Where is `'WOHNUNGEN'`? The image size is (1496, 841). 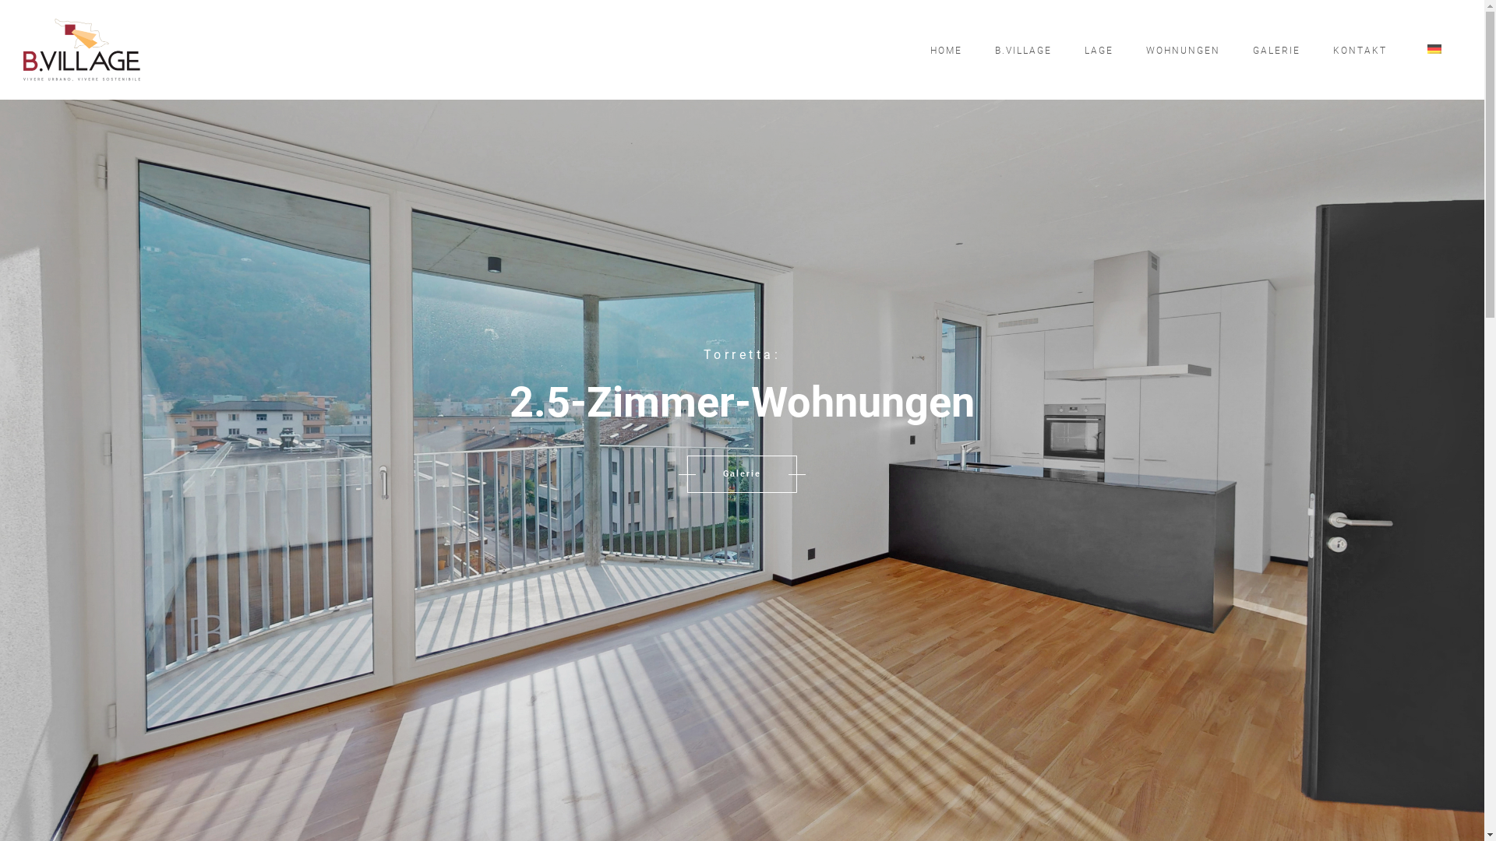
'WOHNUNGEN' is located at coordinates (1183, 50).